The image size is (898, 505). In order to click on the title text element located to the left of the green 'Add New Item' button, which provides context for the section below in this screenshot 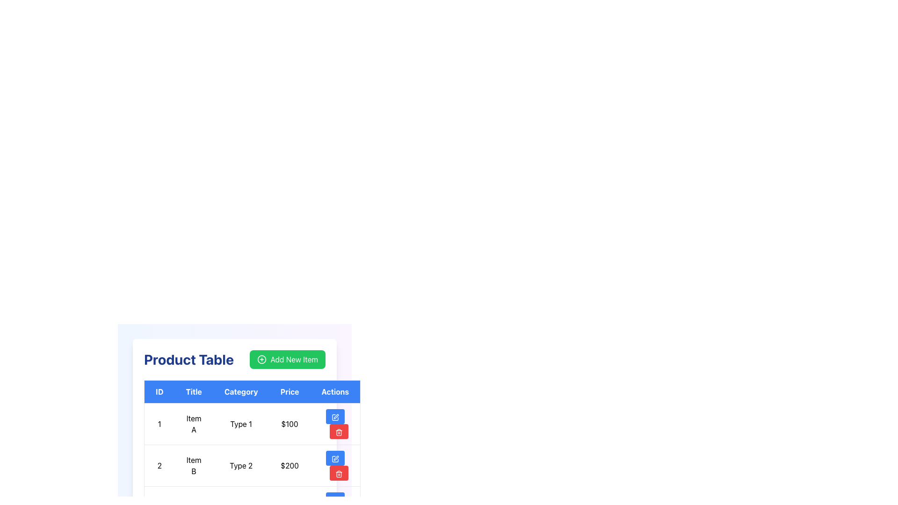, I will do `click(188, 359)`.